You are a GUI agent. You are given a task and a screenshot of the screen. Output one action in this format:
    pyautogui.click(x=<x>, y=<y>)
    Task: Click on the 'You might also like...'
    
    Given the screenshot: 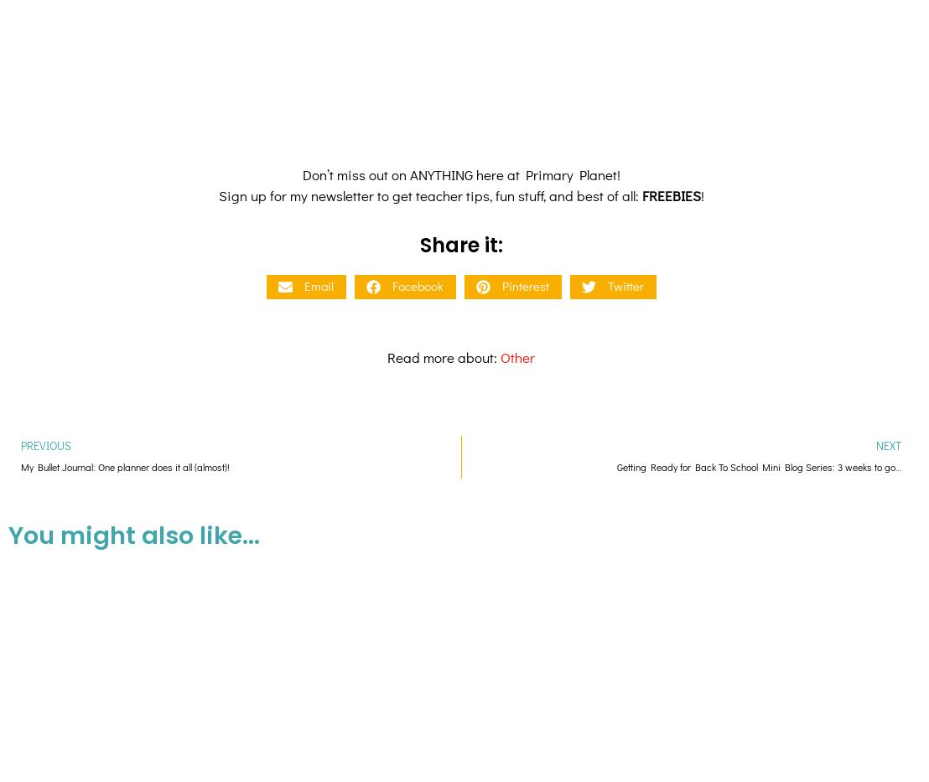 What is the action you would take?
    pyautogui.click(x=8, y=391)
    